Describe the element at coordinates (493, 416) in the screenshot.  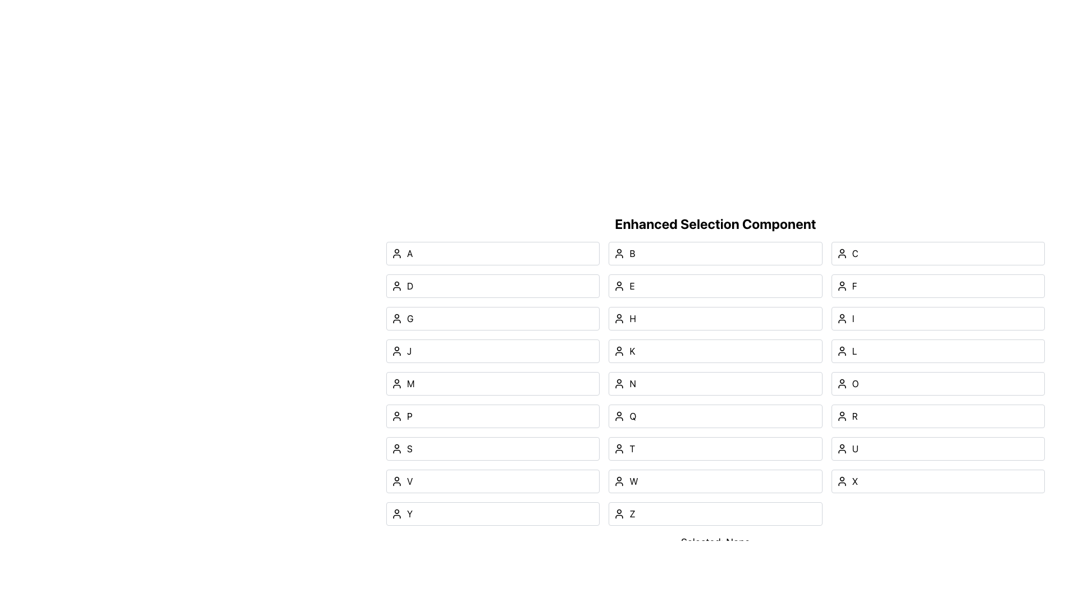
I see `the button labeled 'P' which is located in the 6th row and 1st column of the grid layout` at that location.